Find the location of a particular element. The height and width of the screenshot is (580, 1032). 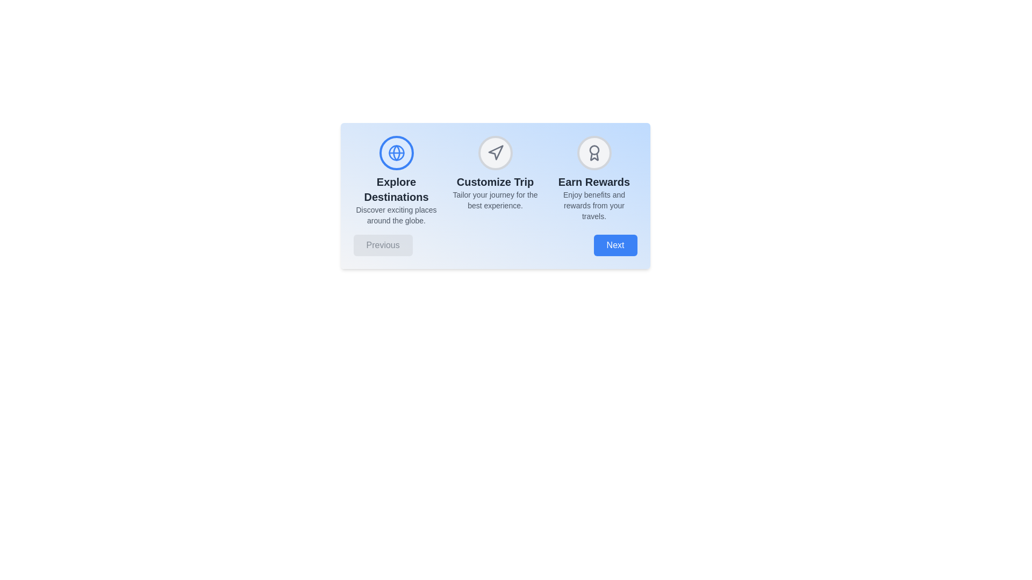

the icon representing the Explore Destinations step to activate it is located at coordinates (396, 153).